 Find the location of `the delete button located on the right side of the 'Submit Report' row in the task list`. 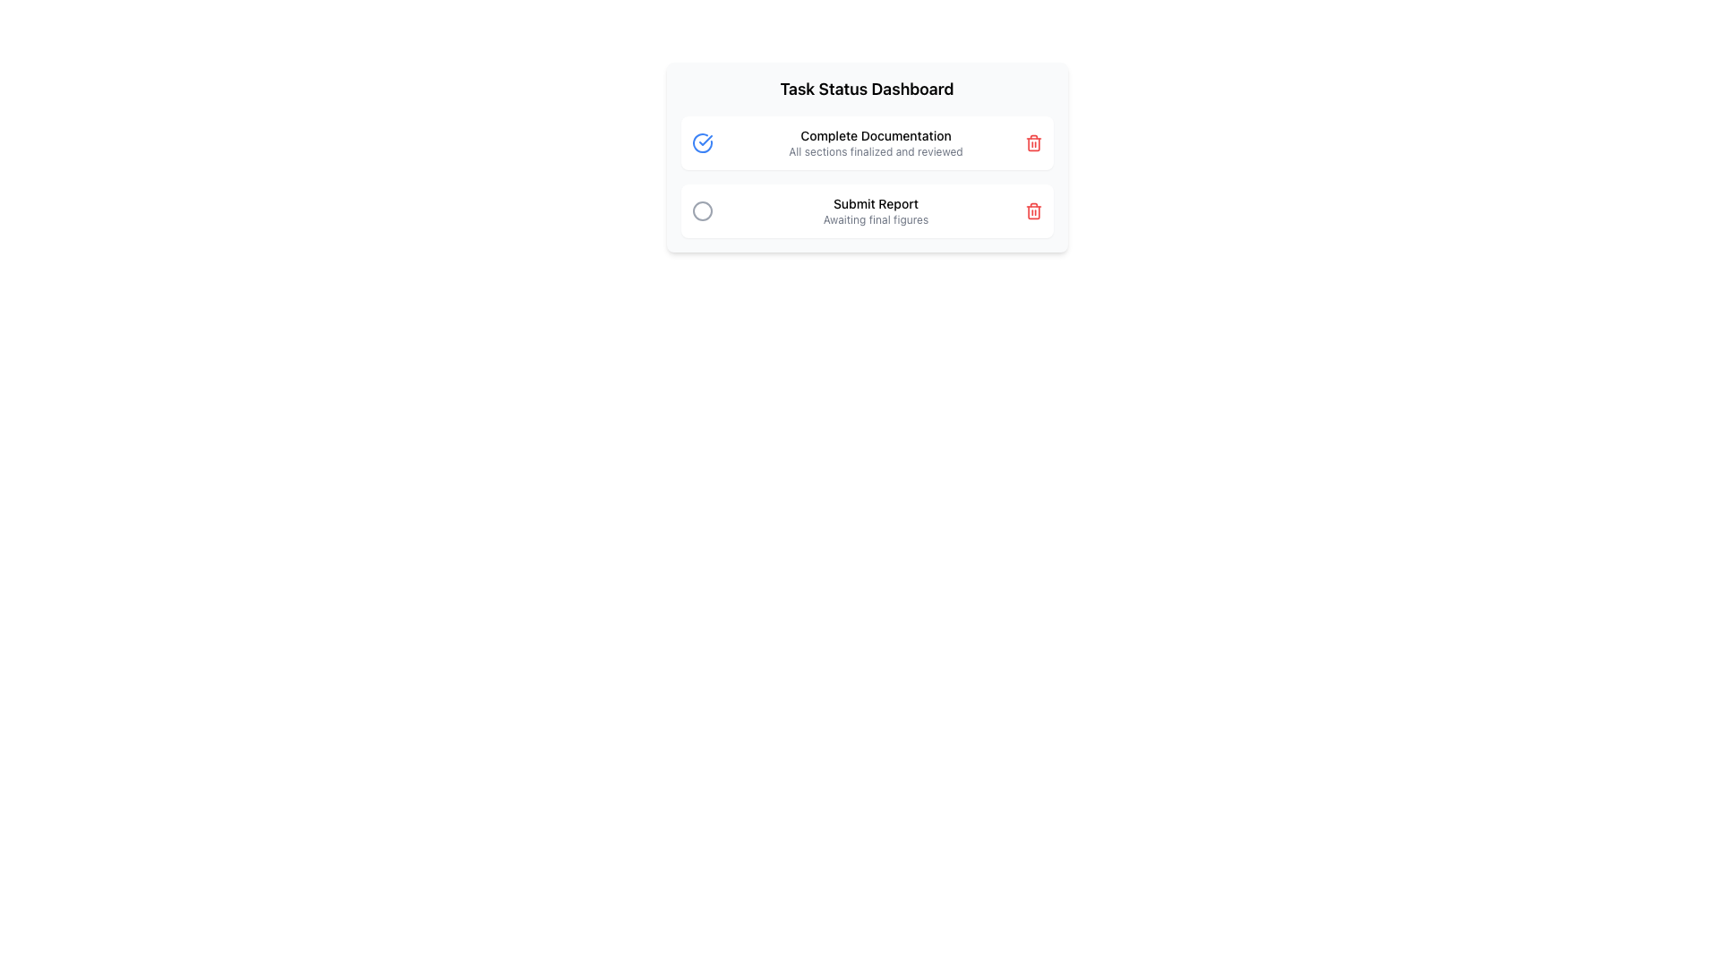

the delete button located on the right side of the 'Submit Report' row in the task list is located at coordinates (1033, 210).